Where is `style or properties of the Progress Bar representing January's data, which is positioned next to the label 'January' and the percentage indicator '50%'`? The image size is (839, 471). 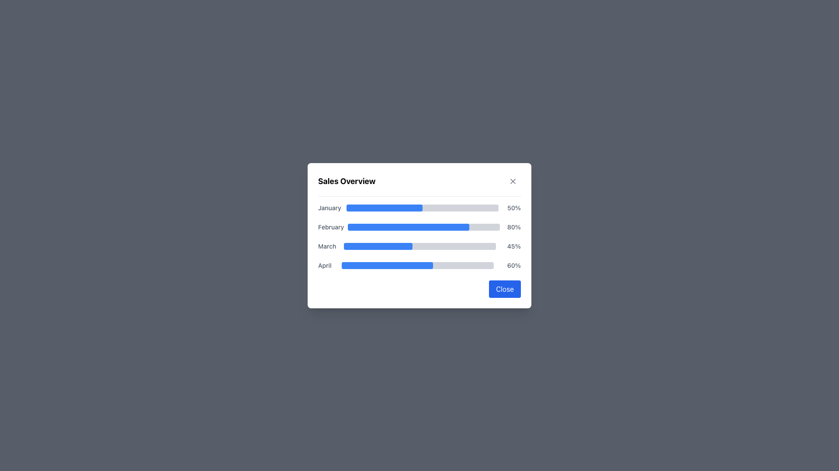
style or properties of the Progress Bar representing January's data, which is positioned next to the label 'January' and the percentage indicator '50%' is located at coordinates (422, 208).